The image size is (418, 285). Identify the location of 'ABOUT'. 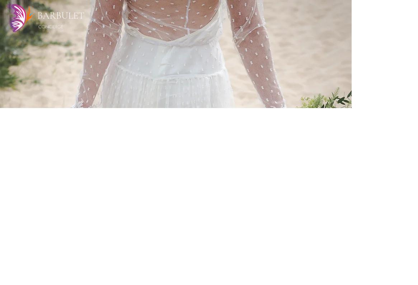
(235, 18).